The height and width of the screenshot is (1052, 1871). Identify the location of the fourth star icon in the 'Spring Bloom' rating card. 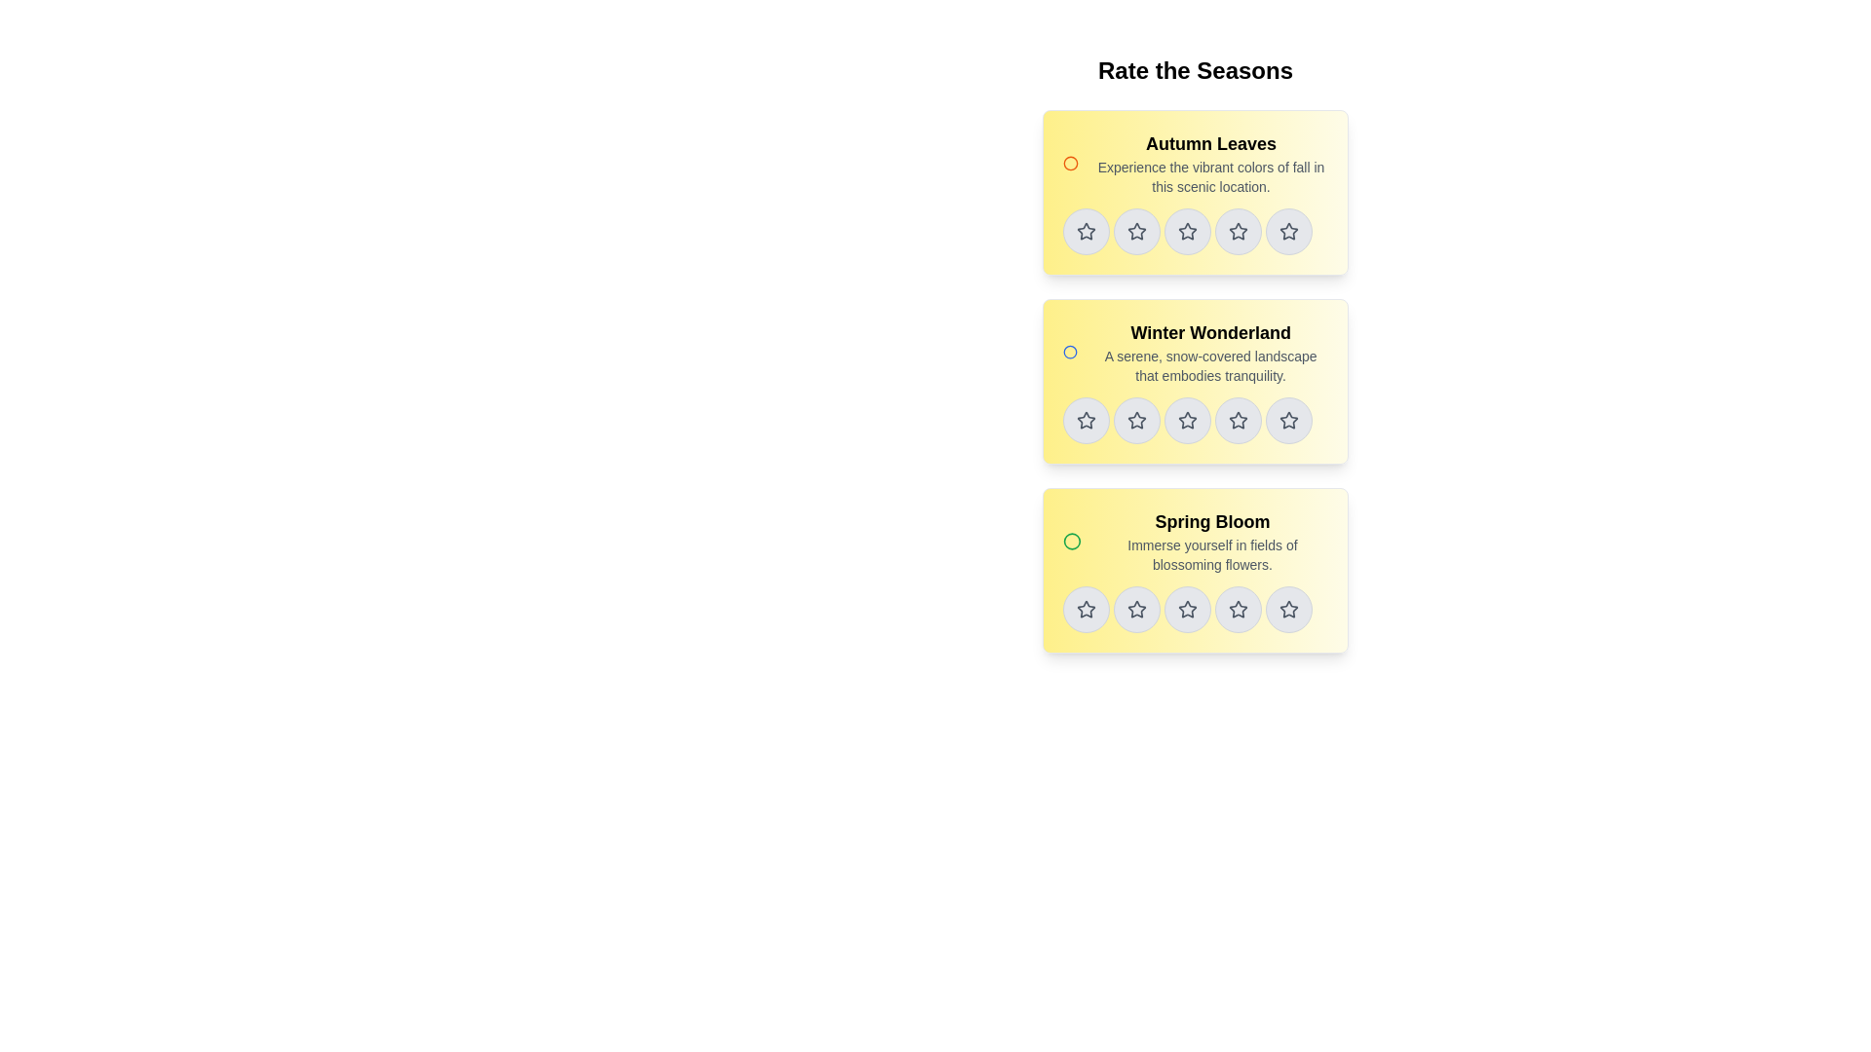
(1186, 607).